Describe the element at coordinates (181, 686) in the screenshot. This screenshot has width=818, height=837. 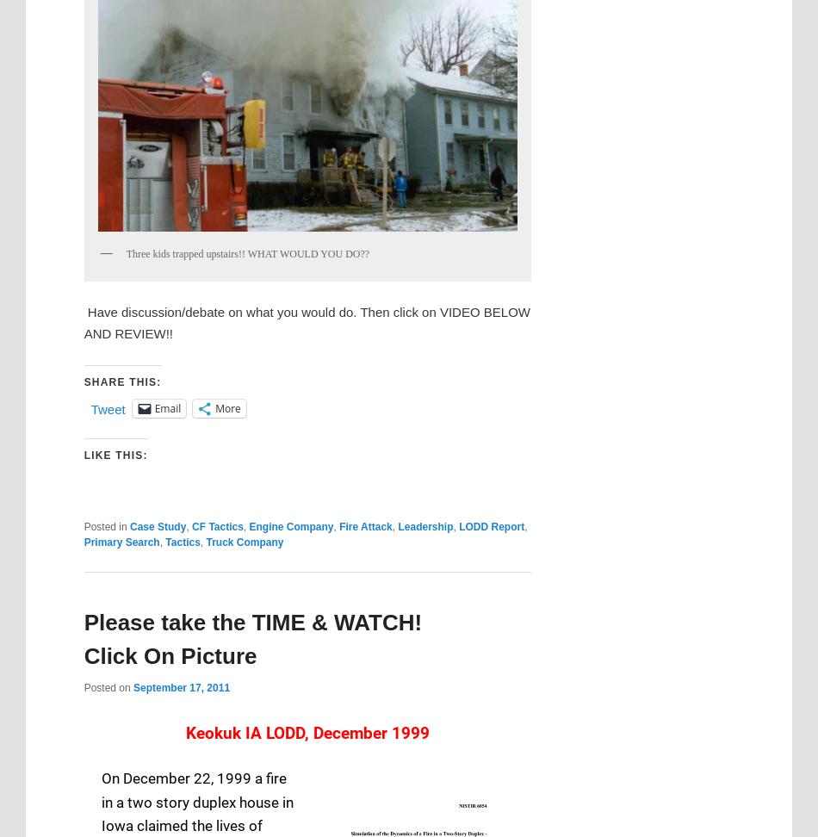
I see `'September 17, 2011'` at that location.